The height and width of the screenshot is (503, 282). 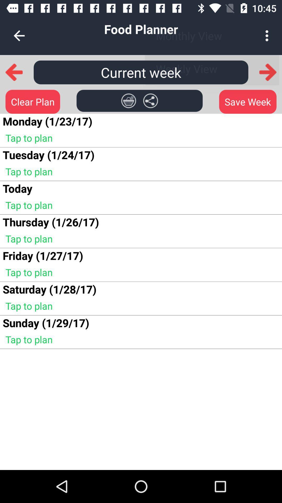 What do you see at coordinates (17, 188) in the screenshot?
I see `the item below tap to plan` at bounding box center [17, 188].